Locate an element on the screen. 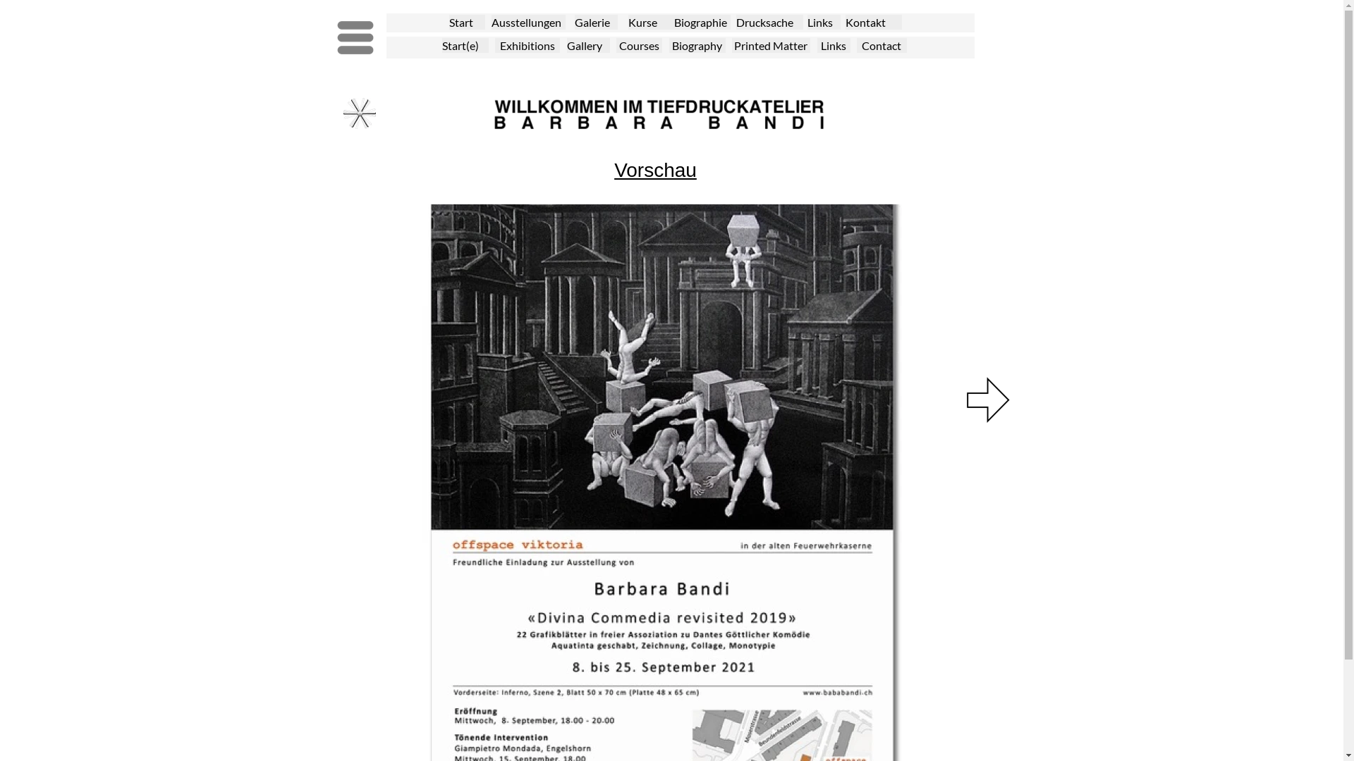  'Courses' is located at coordinates (638, 46).